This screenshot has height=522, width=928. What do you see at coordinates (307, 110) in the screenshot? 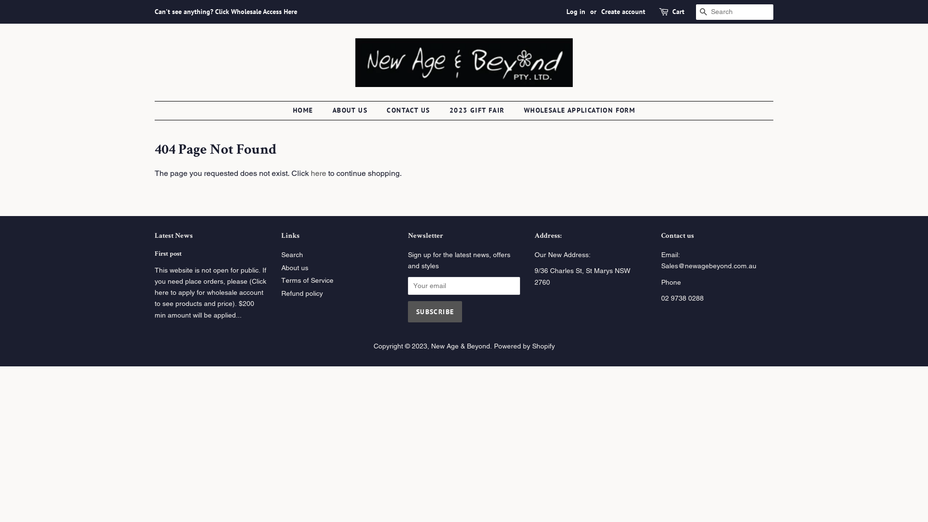
I see `'HOME'` at bounding box center [307, 110].